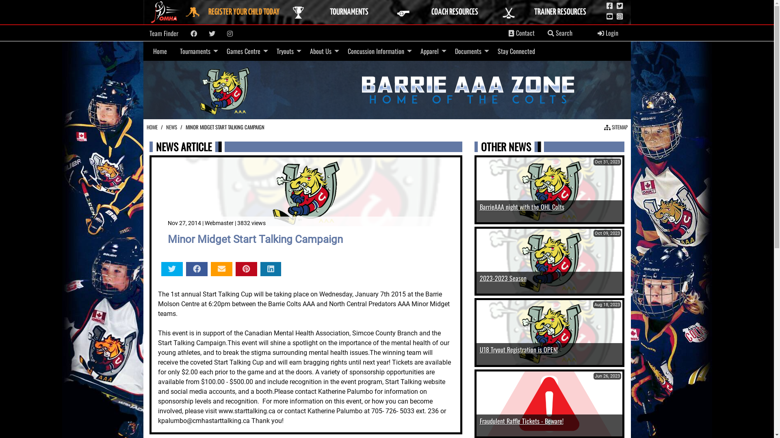 This screenshot has width=780, height=438. Describe the element at coordinates (609, 17) in the screenshot. I see `'OMHA YouTube Channel'` at that location.